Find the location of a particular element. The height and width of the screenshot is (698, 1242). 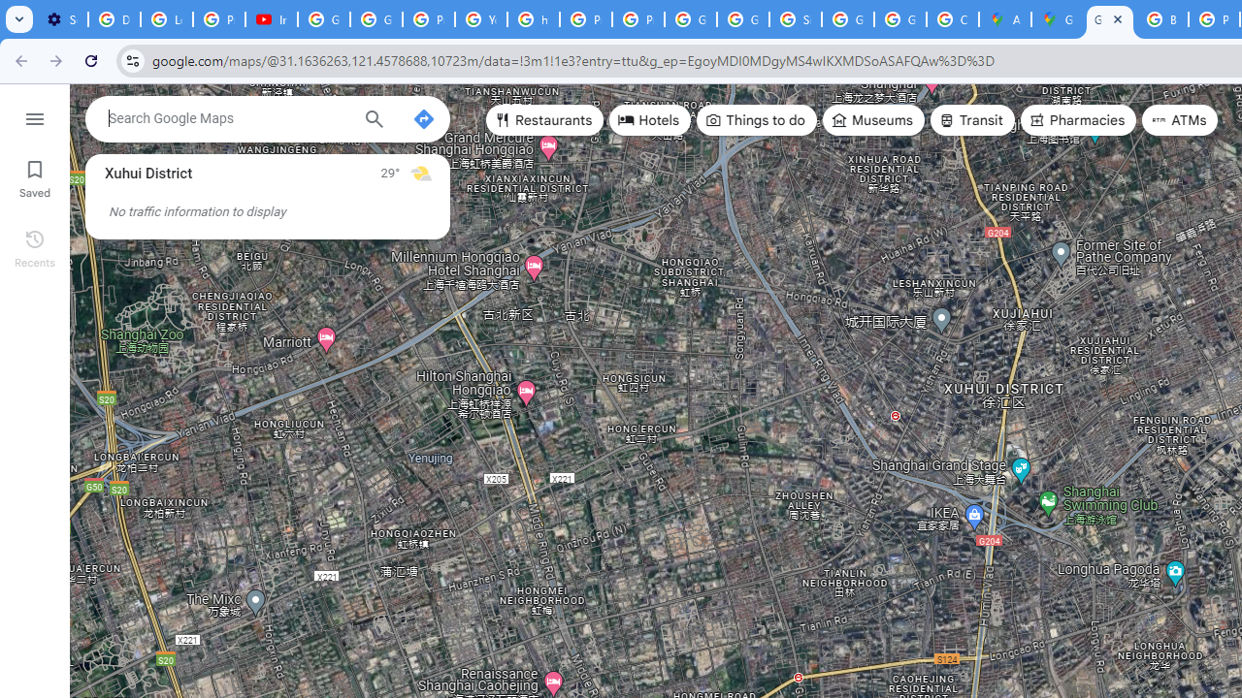

'YouTube' is located at coordinates (481, 19).